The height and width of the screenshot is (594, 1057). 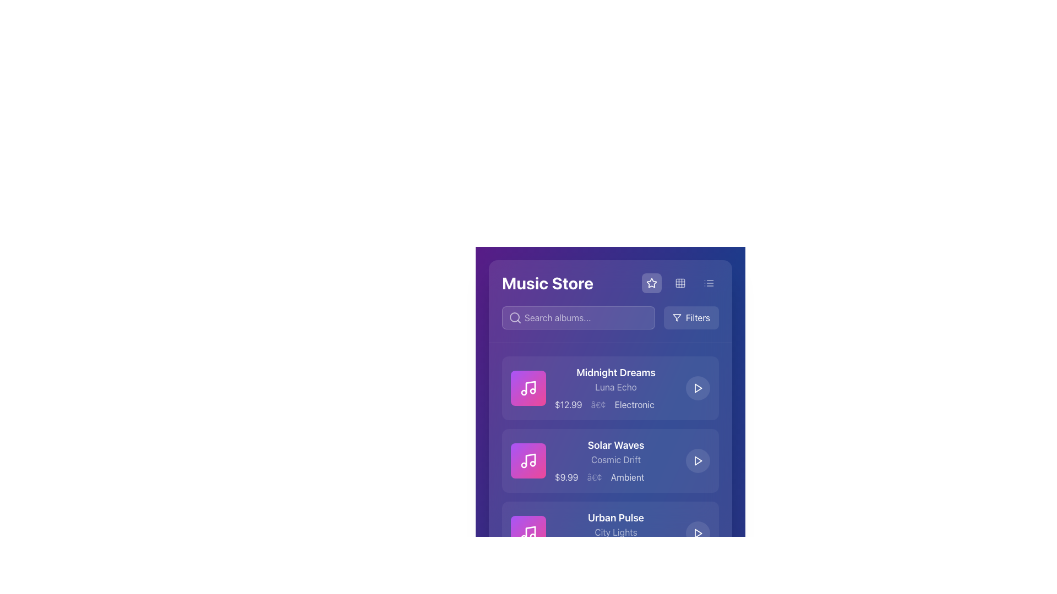 What do you see at coordinates (514, 317) in the screenshot?
I see `the central part of the search icon, which enhances the usability and recognizability of the search functionality, located within the search bar to the left of the 'Search albums...' placeholder text` at bounding box center [514, 317].